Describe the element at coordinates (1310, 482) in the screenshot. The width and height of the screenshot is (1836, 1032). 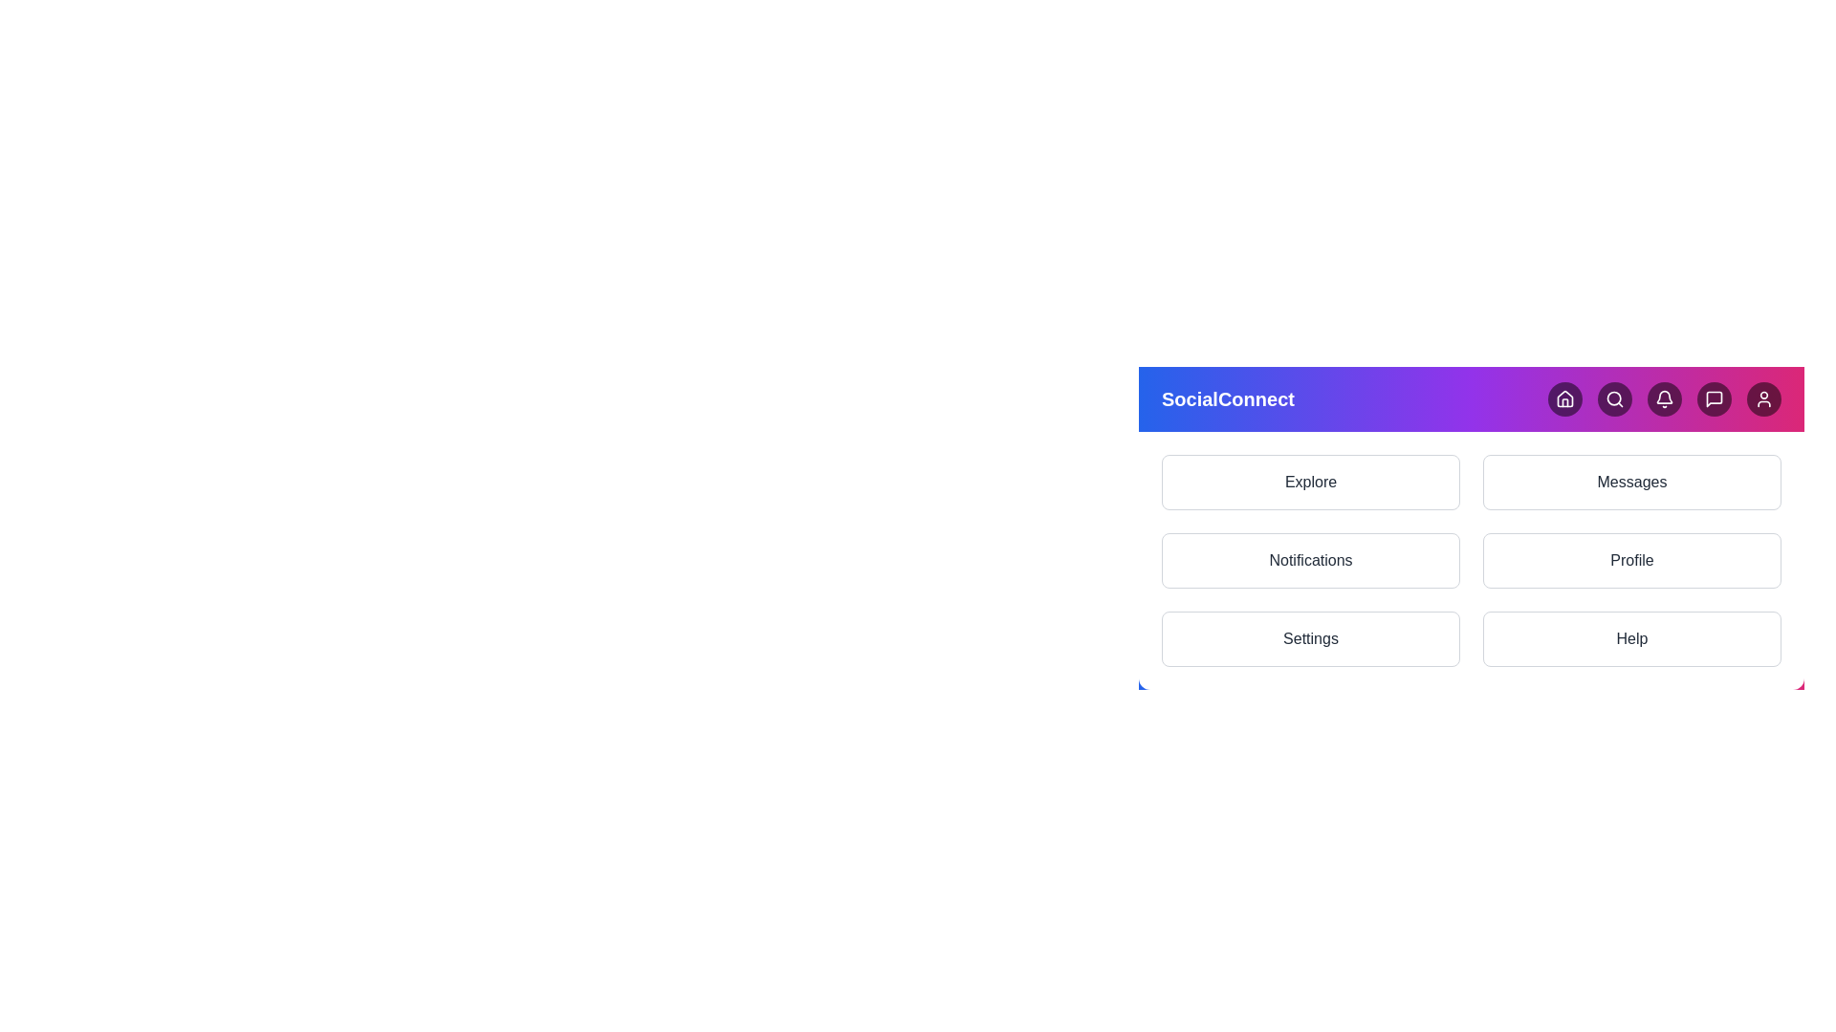
I see `the navigation option labeled Explore` at that location.